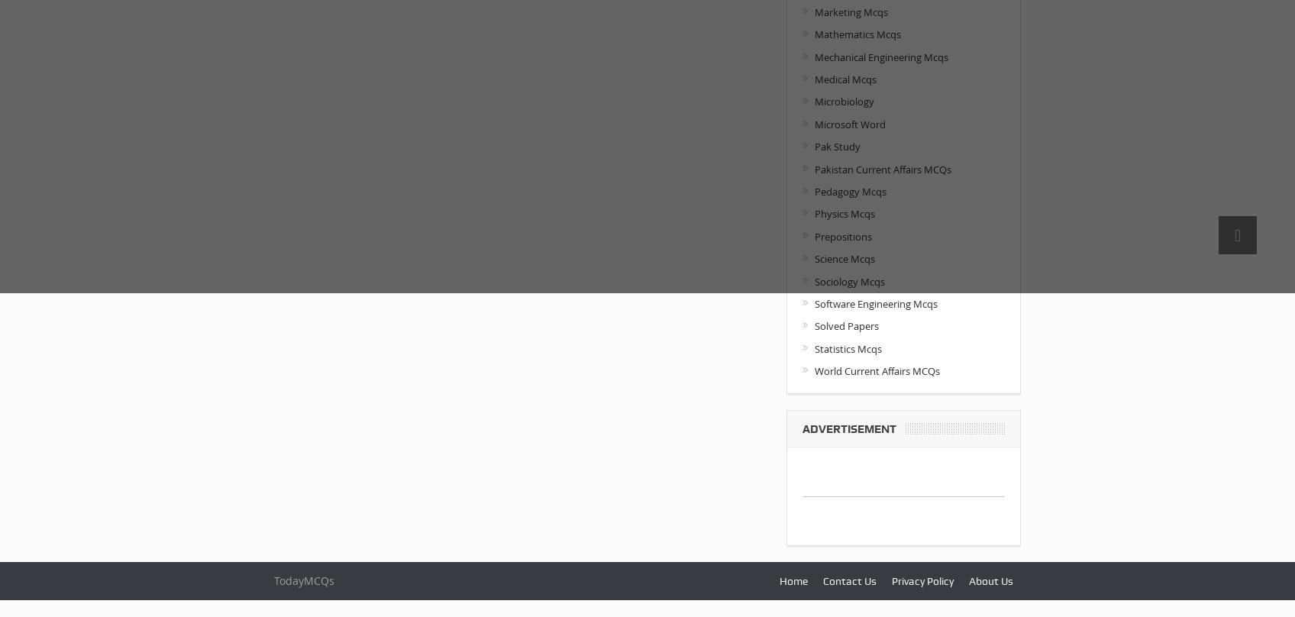 This screenshot has height=617, width=1295. Describe the element at coordinates (881, 57) in the screenshot. I see `'Mechanical Engineering Mcqs'` at that location.